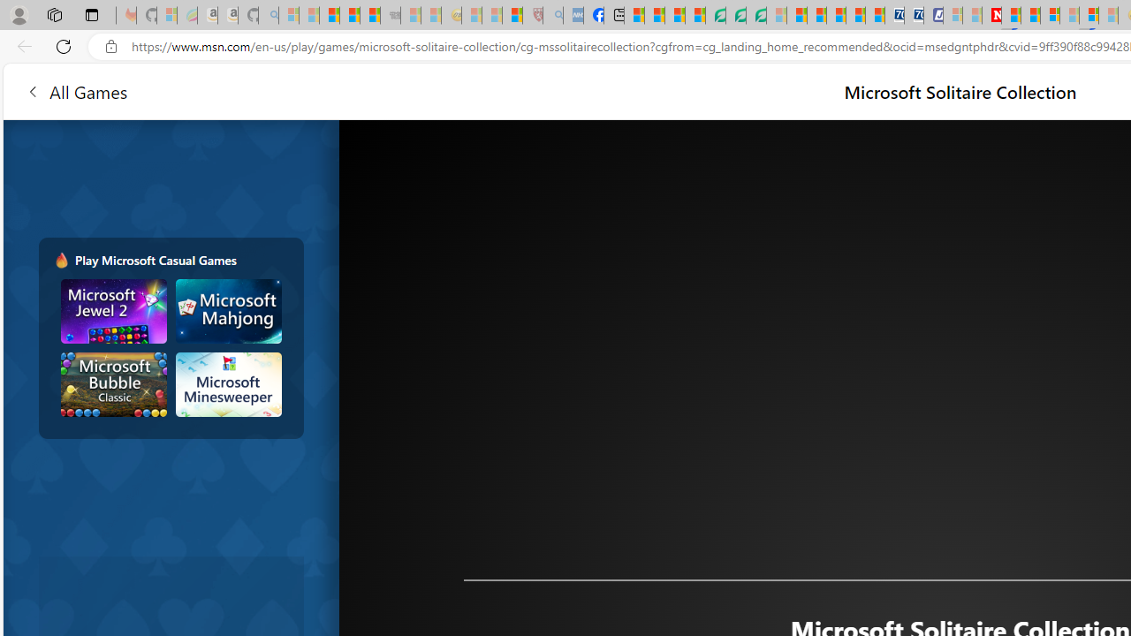 This screenshot has height=636, width=1131. Describe the element at coordinates (227, 383) in the screenshot. I see `'Microsoft Minesweeper'` at that location.